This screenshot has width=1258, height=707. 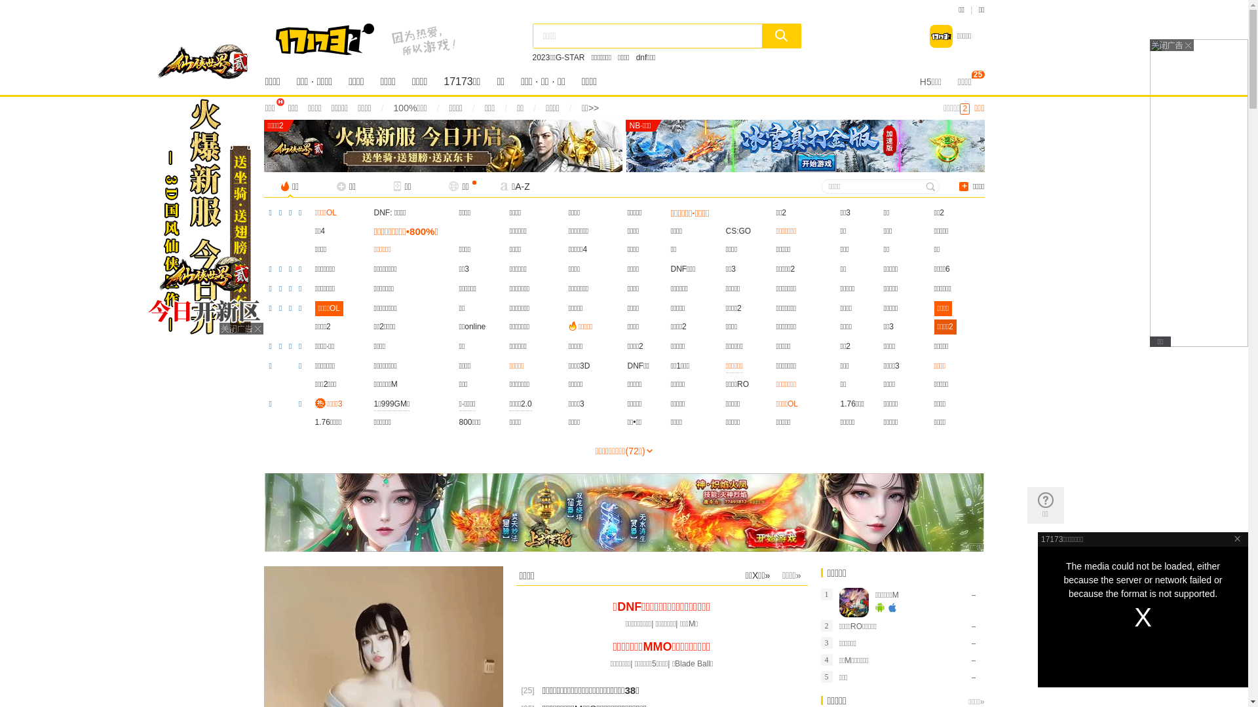 What do you see at coordinates (738, 230) in the screenshot?
I see `'CS:GO'` at bounding box center [738, 230].